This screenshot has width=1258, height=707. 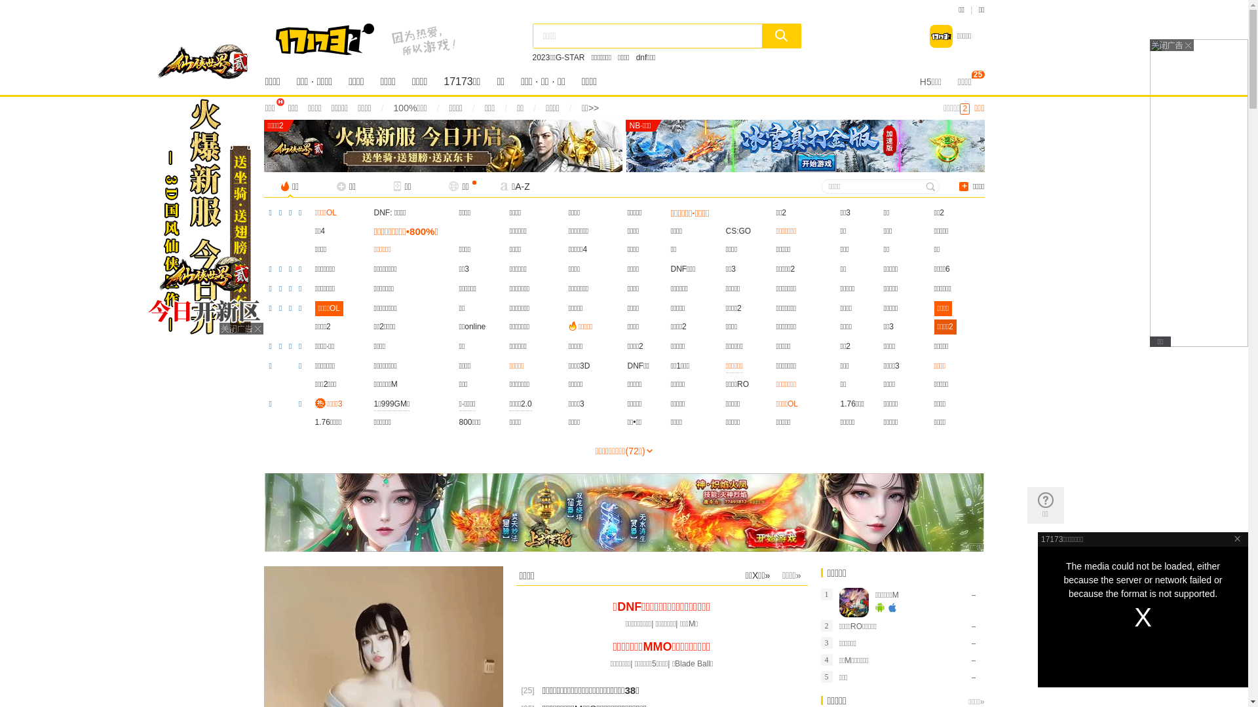 What do you see at coordinates (738, 230) in the screenshot?
I see `'CS:GO'` at bounding box center [738, 230].